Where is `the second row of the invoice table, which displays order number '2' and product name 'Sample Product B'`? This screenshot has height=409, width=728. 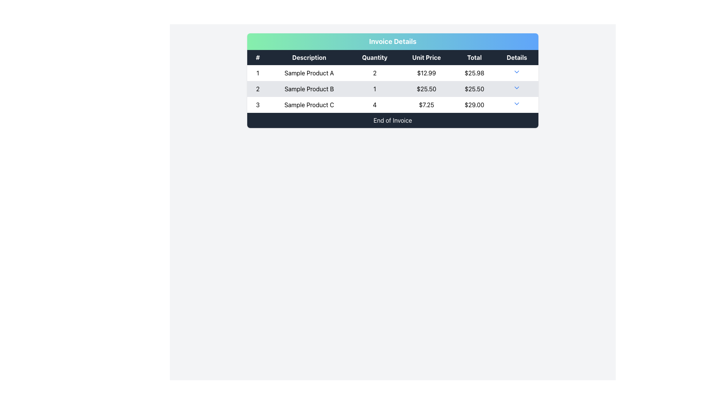
the second row of the invoice table, which displays order number '2' and product name 'Sample Product B' is located at coordinates (393, 89).